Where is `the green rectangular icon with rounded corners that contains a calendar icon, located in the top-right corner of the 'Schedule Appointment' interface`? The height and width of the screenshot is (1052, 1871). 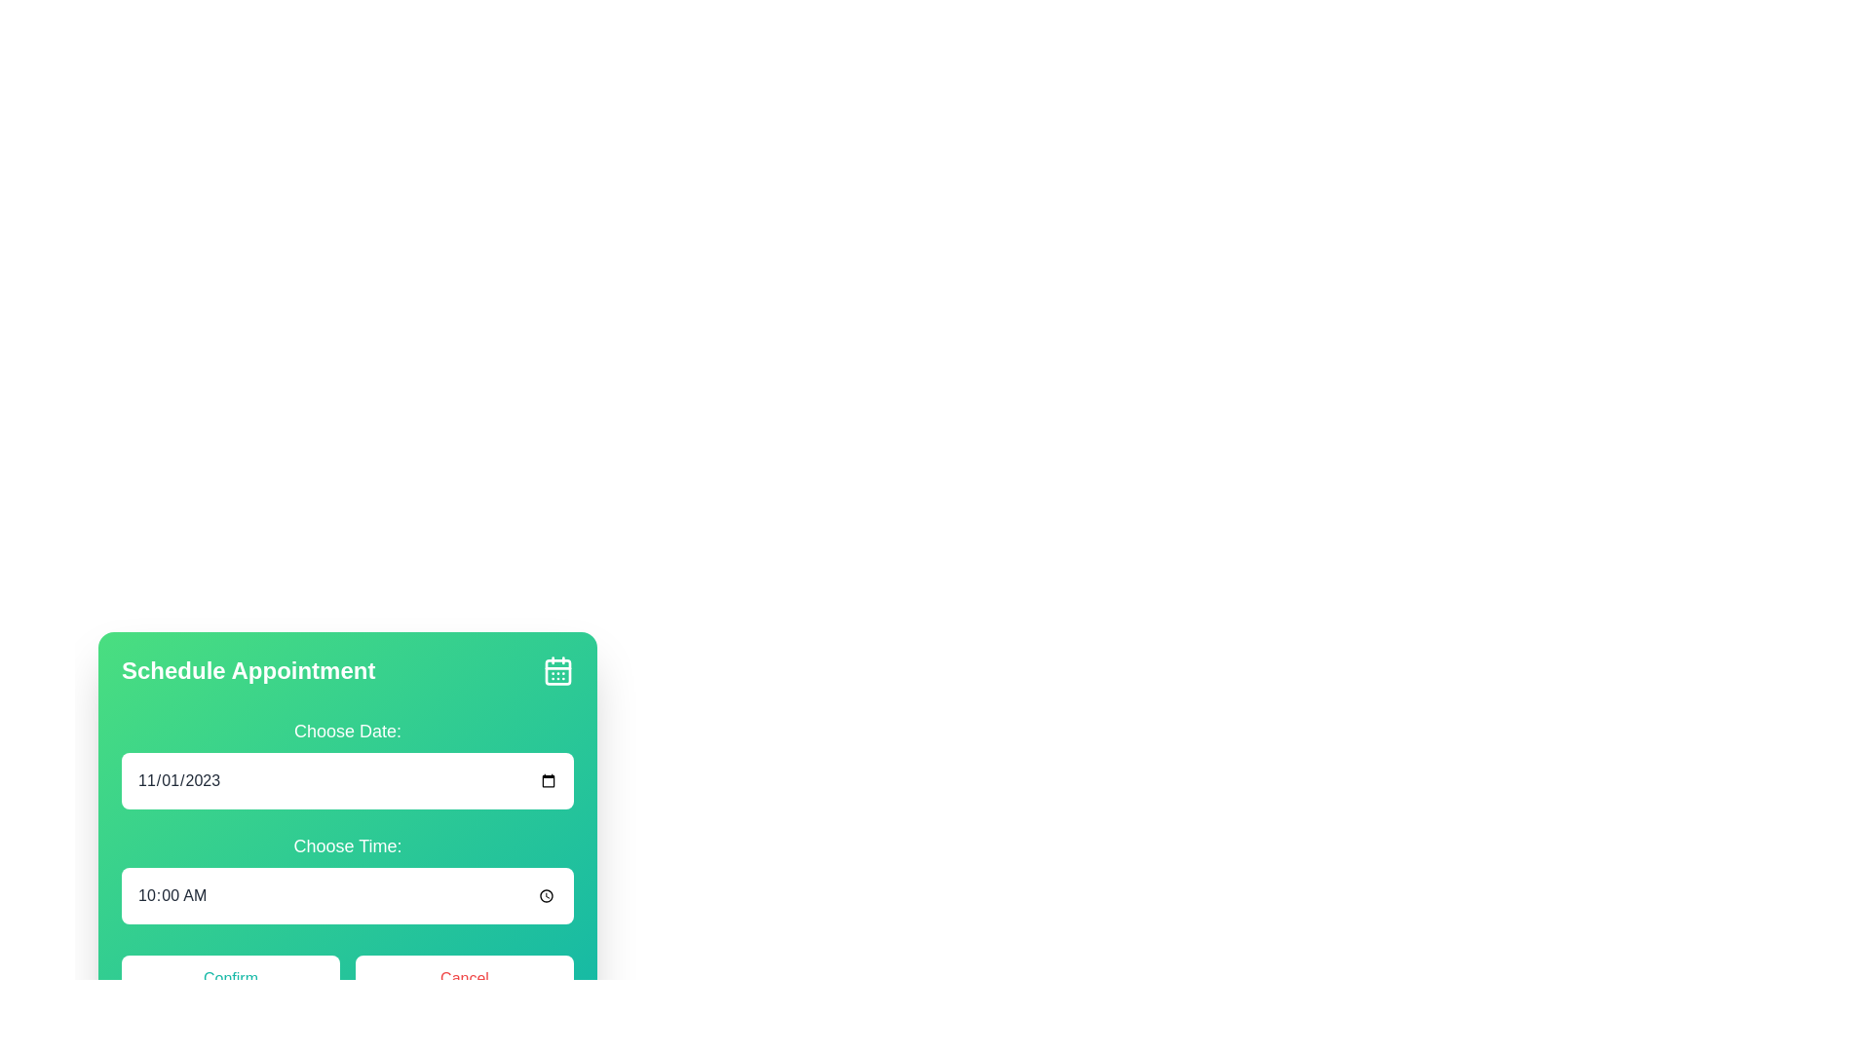 the green rectangular icon with rounded corners that contains a calendar icon, located in the top-right corner of the 'Schedule Appointment' interface is located at coordinates (556, 671).